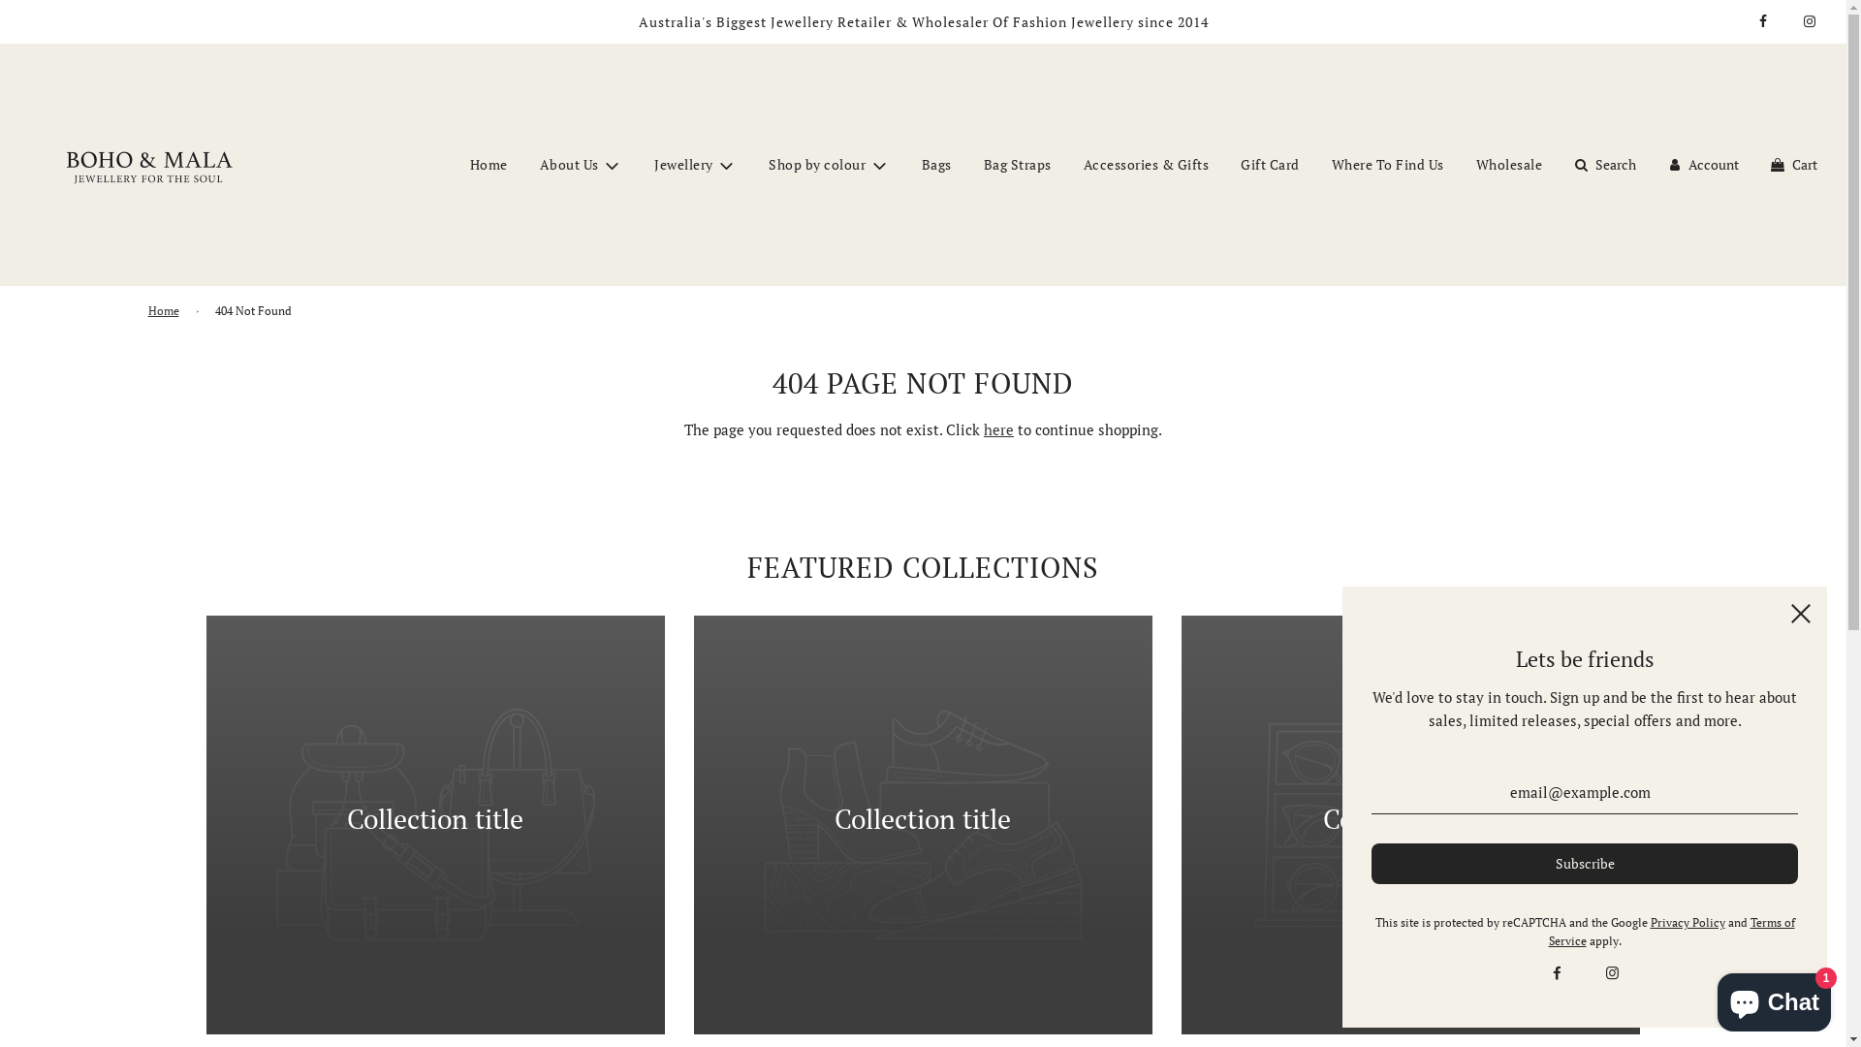 The image size is (1861, 1047). Describe the element at coordinates (1508, 163) in the screenshot. I see `'Wholesale'` at that location.